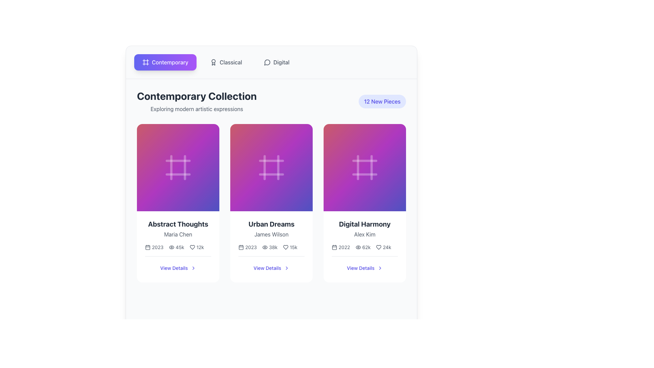 The height and width of the screenshot is (368, 654). Describe the element at coordinates (281, 62) in the screenshot. I see `the text label element displaying 'Digital', which is styled with medium font weight and gray color, located to the right side of the toolbar` at that location.